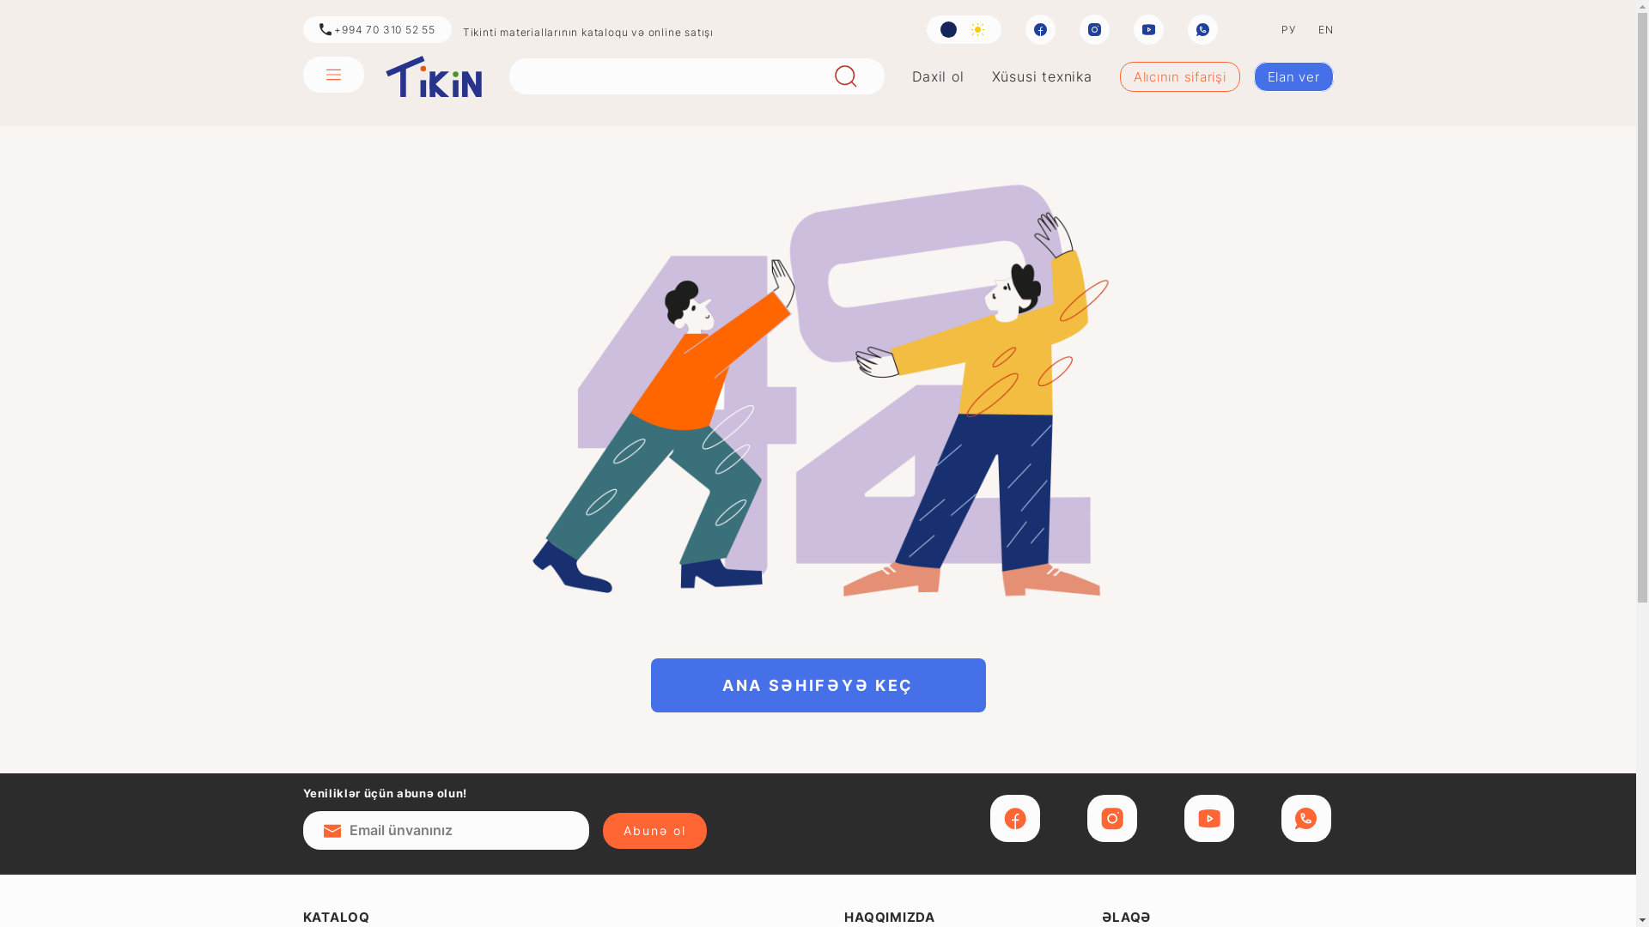  Describe the element at coordinates (433, 75) in the screenshot. I see `'Tikin.az'` at that location.